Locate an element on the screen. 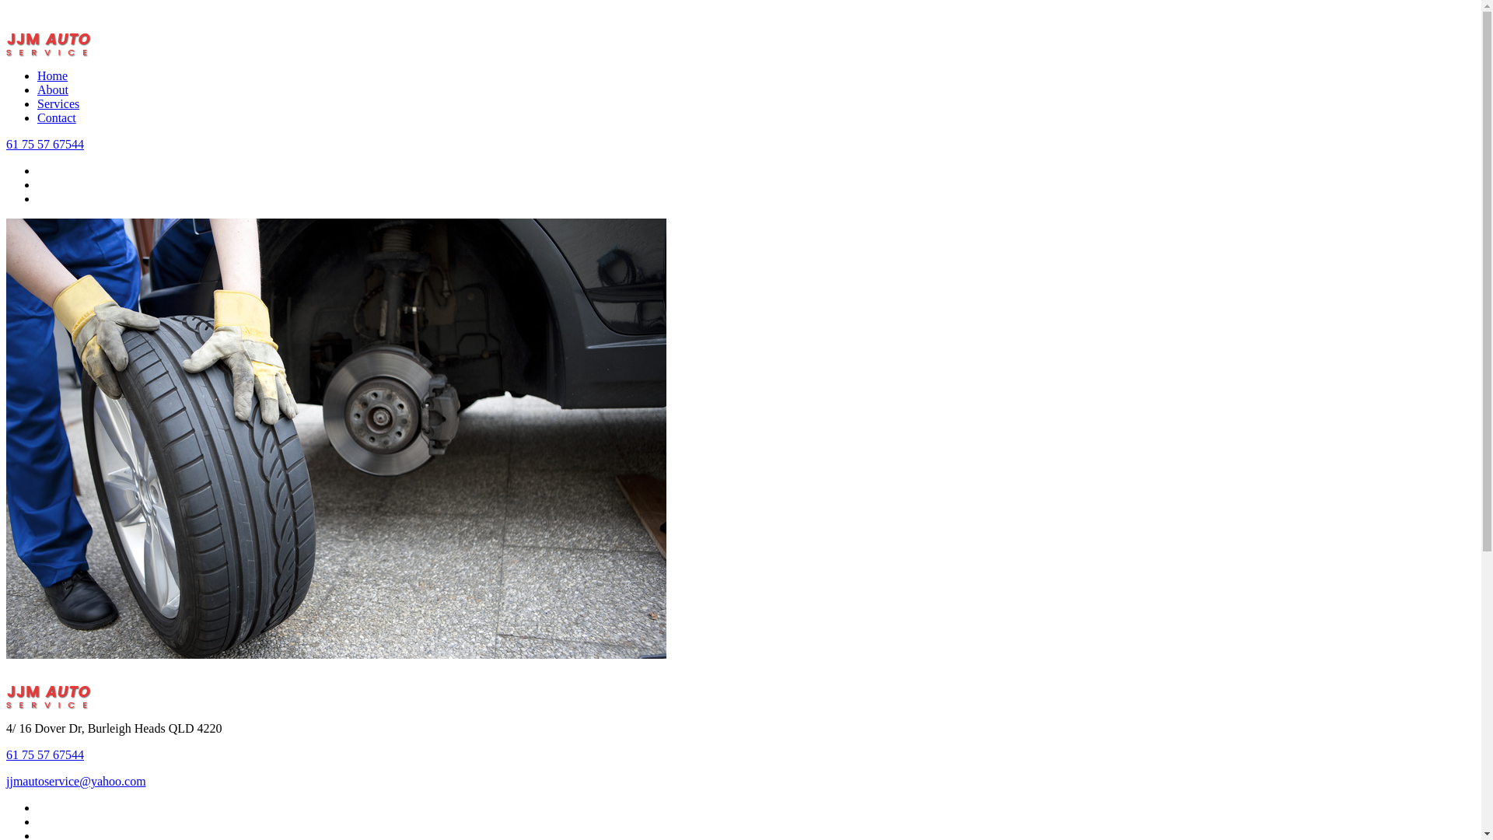  'Services' is located at coordinates (58, 103).